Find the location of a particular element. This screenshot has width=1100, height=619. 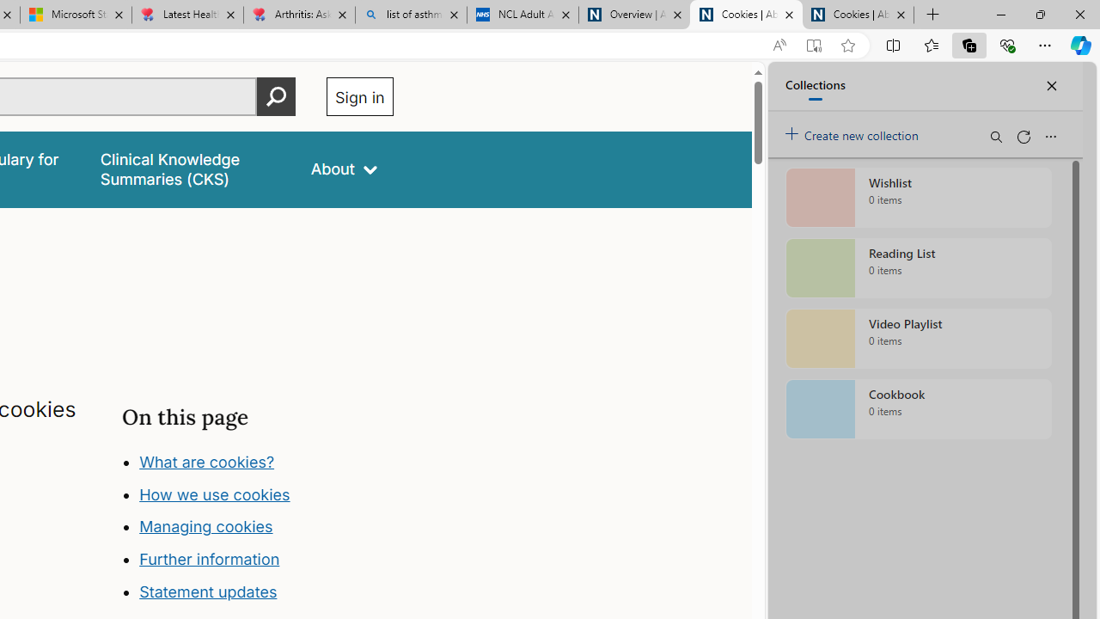

'What are cookies?' is located at coordinates (206, 461).